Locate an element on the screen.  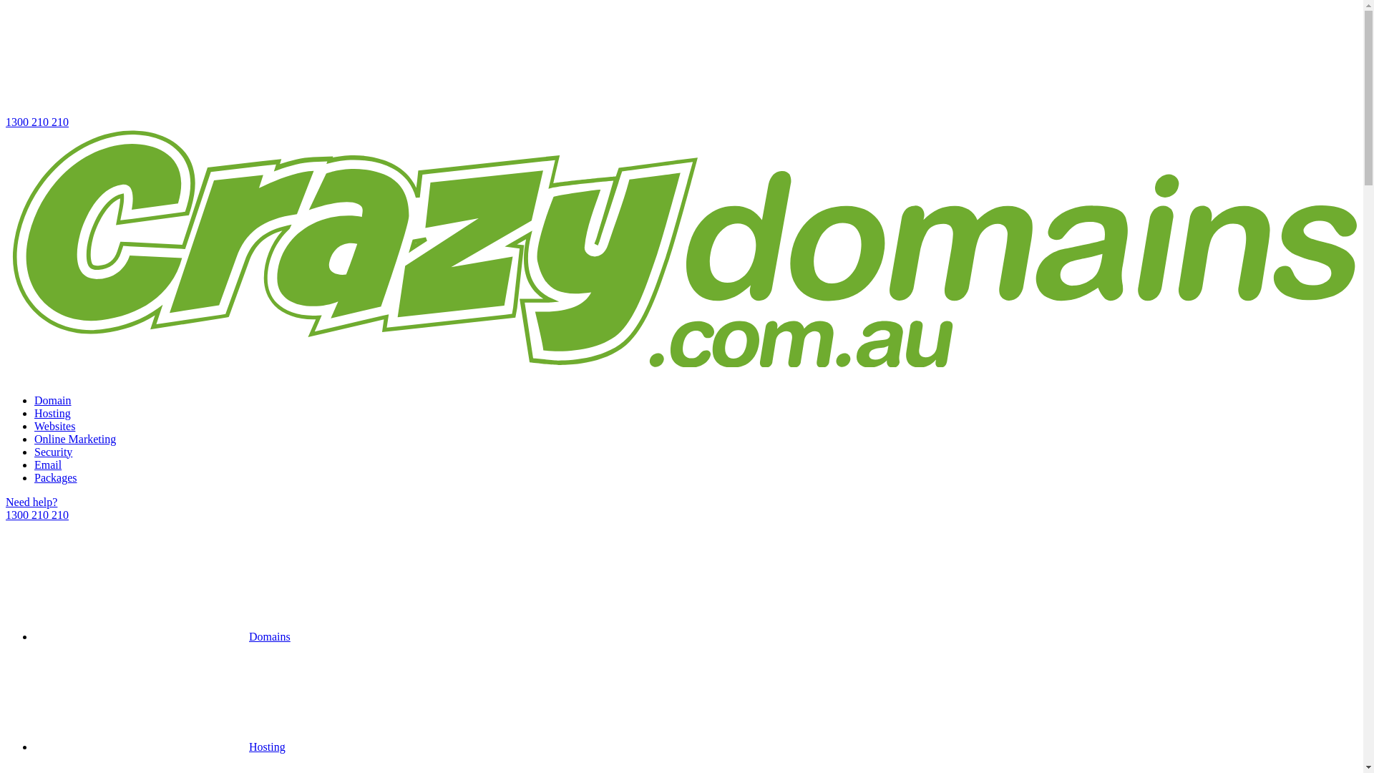
'Hosting' is located at coordinates (34, 746).